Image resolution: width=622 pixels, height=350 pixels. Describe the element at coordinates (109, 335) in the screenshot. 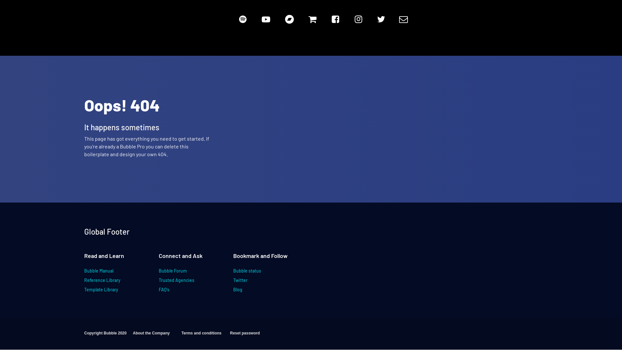

I see `'Copyright Bubble 2020'` at that location.